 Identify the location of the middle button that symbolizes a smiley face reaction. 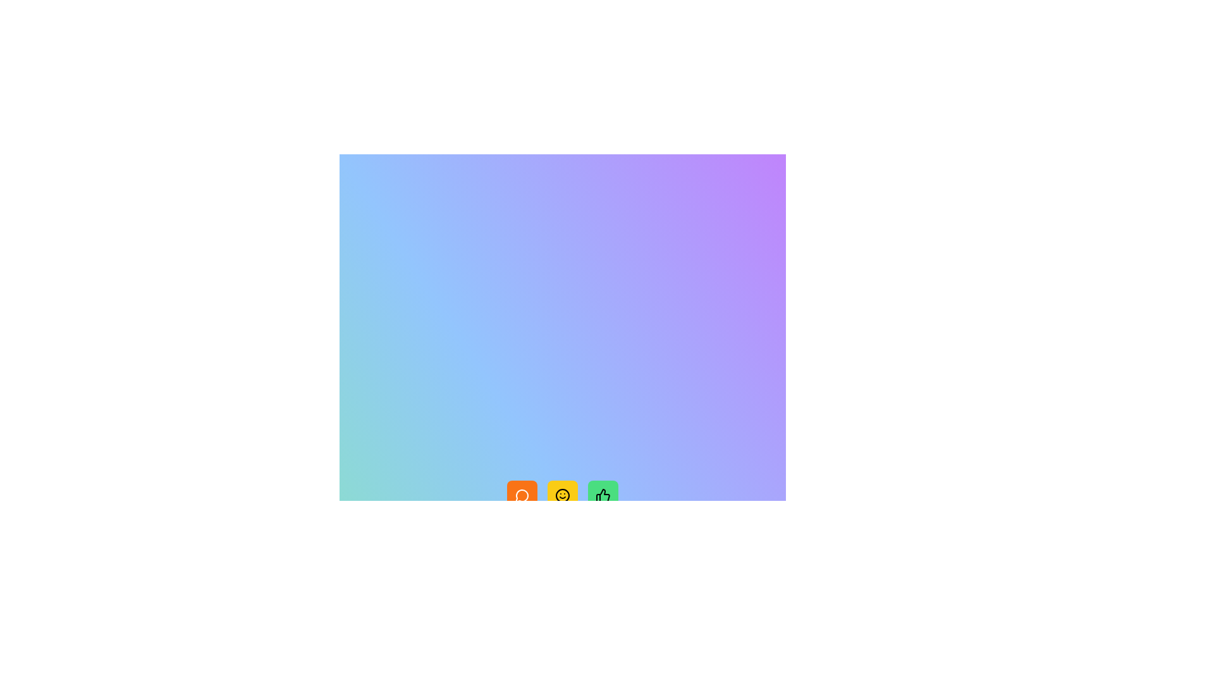
(561, 495).